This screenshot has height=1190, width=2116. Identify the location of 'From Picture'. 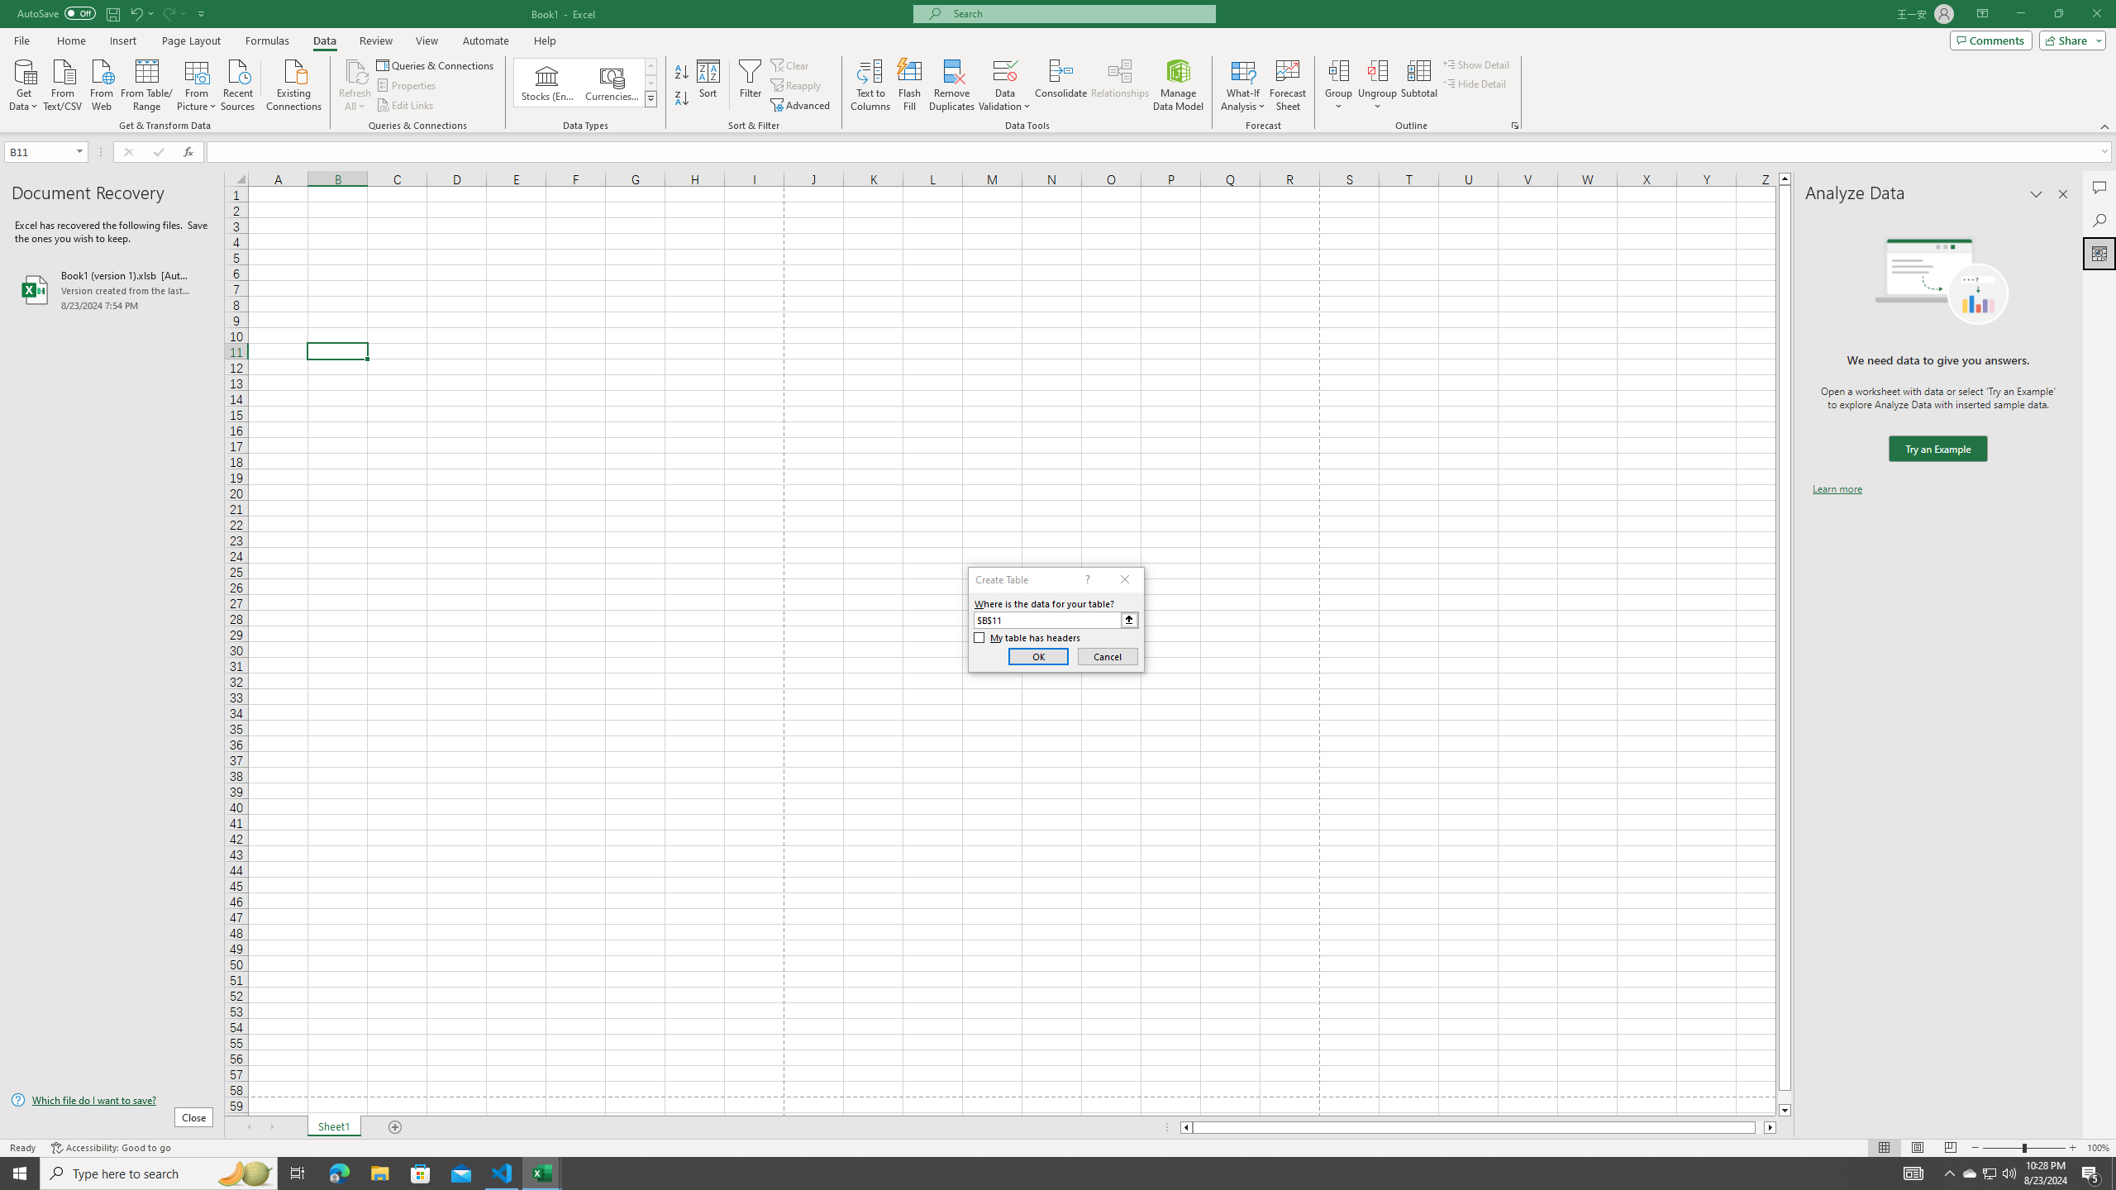
(198, 83).